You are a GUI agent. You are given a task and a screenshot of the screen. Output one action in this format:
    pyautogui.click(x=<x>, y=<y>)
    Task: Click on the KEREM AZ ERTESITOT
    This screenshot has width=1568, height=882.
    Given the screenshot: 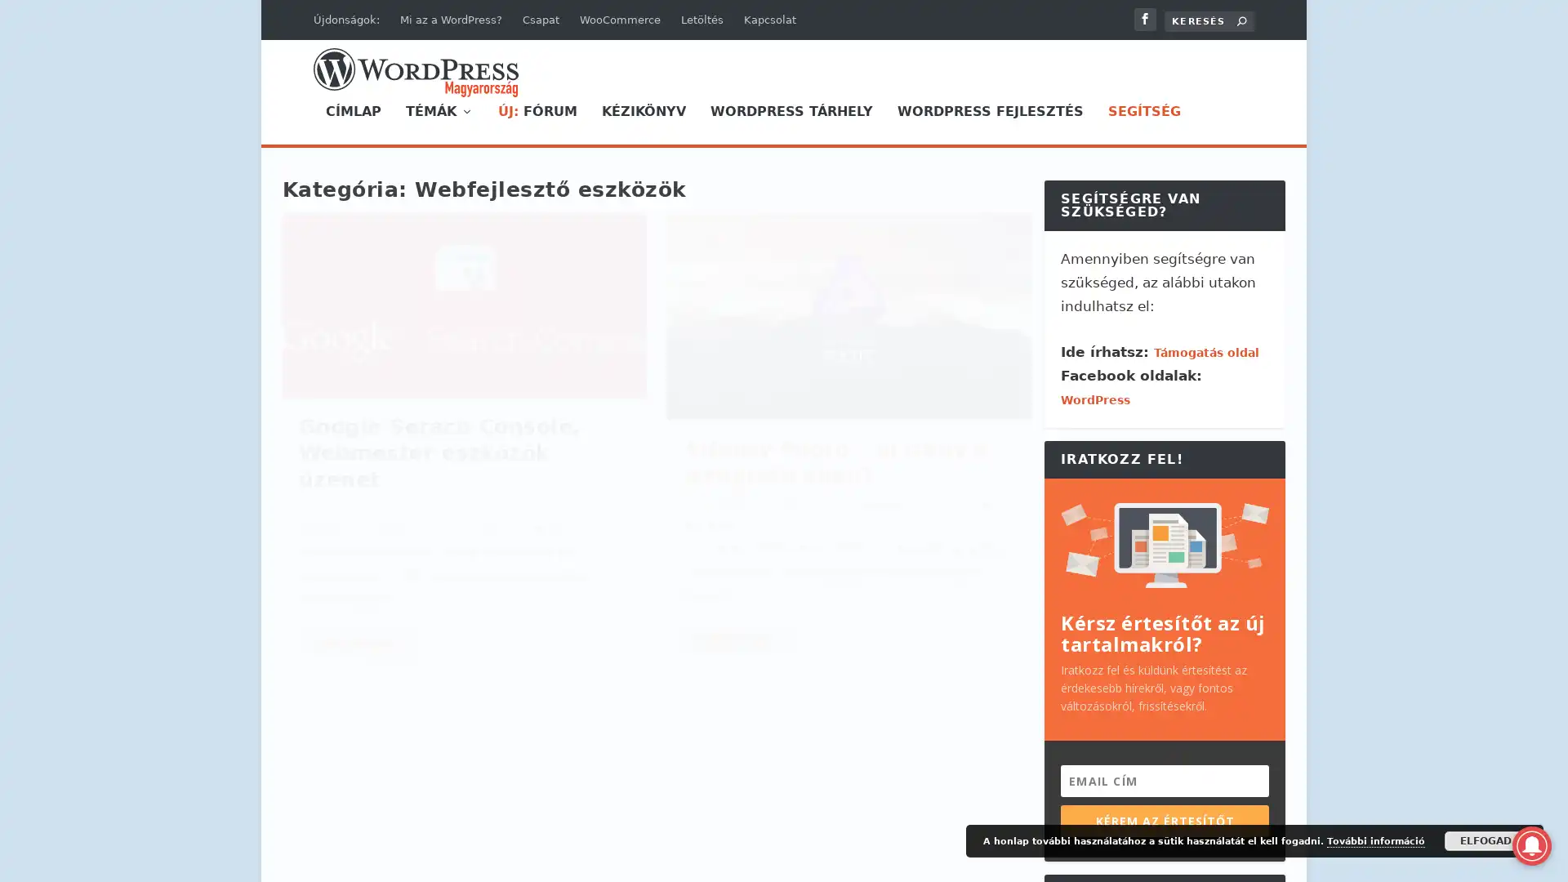 What is the action you would take?
    pyautogui.click(x=1164, y=820)
    